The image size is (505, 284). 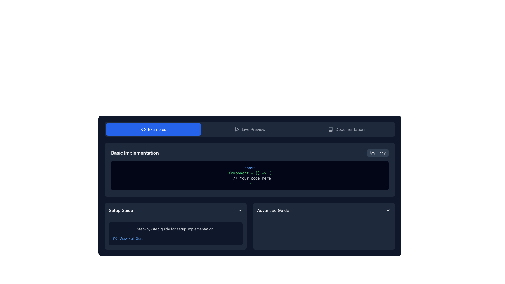 What do you see at coordinates (346, 129) in the screenshot?
I see `the 'Documentation' button, which is the third button in a horizontal group` at bounding box center [346, 129].